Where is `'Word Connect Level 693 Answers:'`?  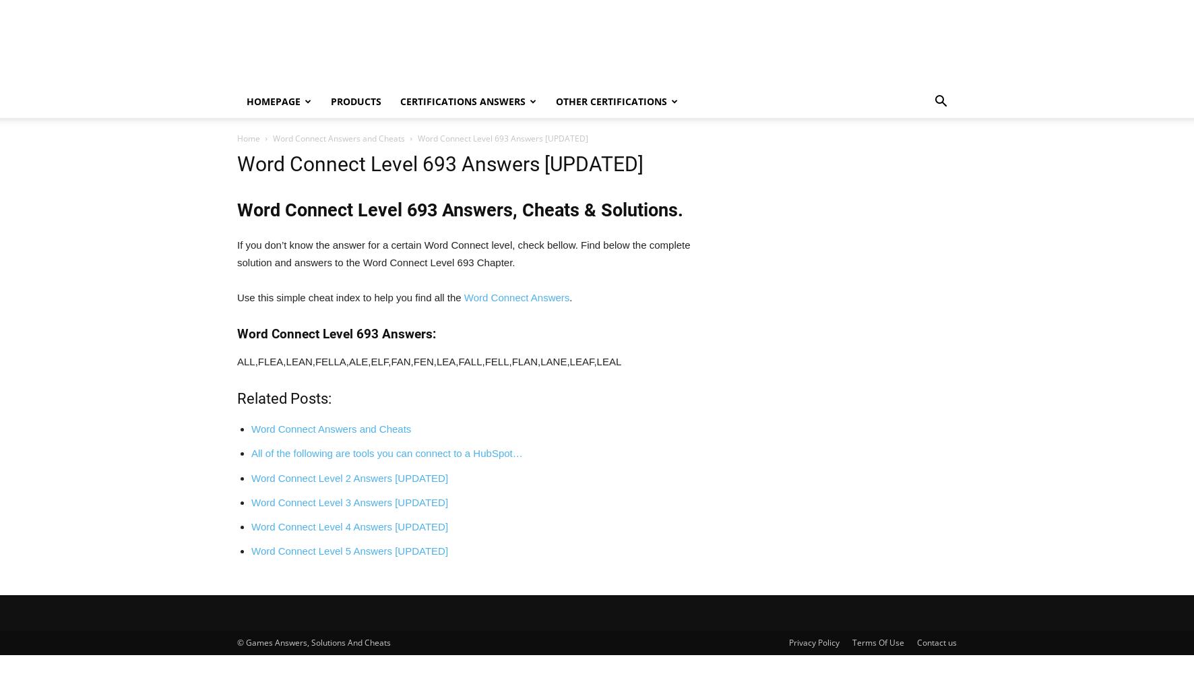 'Word Connect Level 693 Answers:' is located at coordinates (336, 333).